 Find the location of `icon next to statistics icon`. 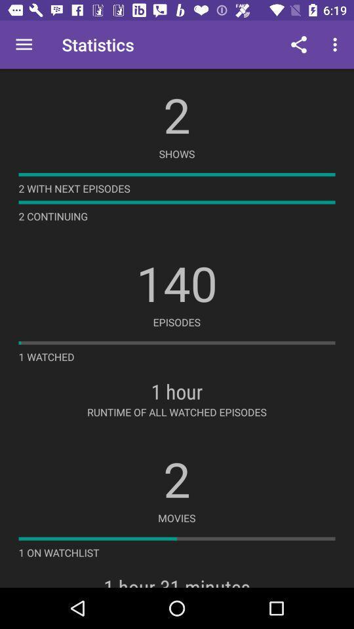

icon next to statistics icon is located at coordinates (298, 45).